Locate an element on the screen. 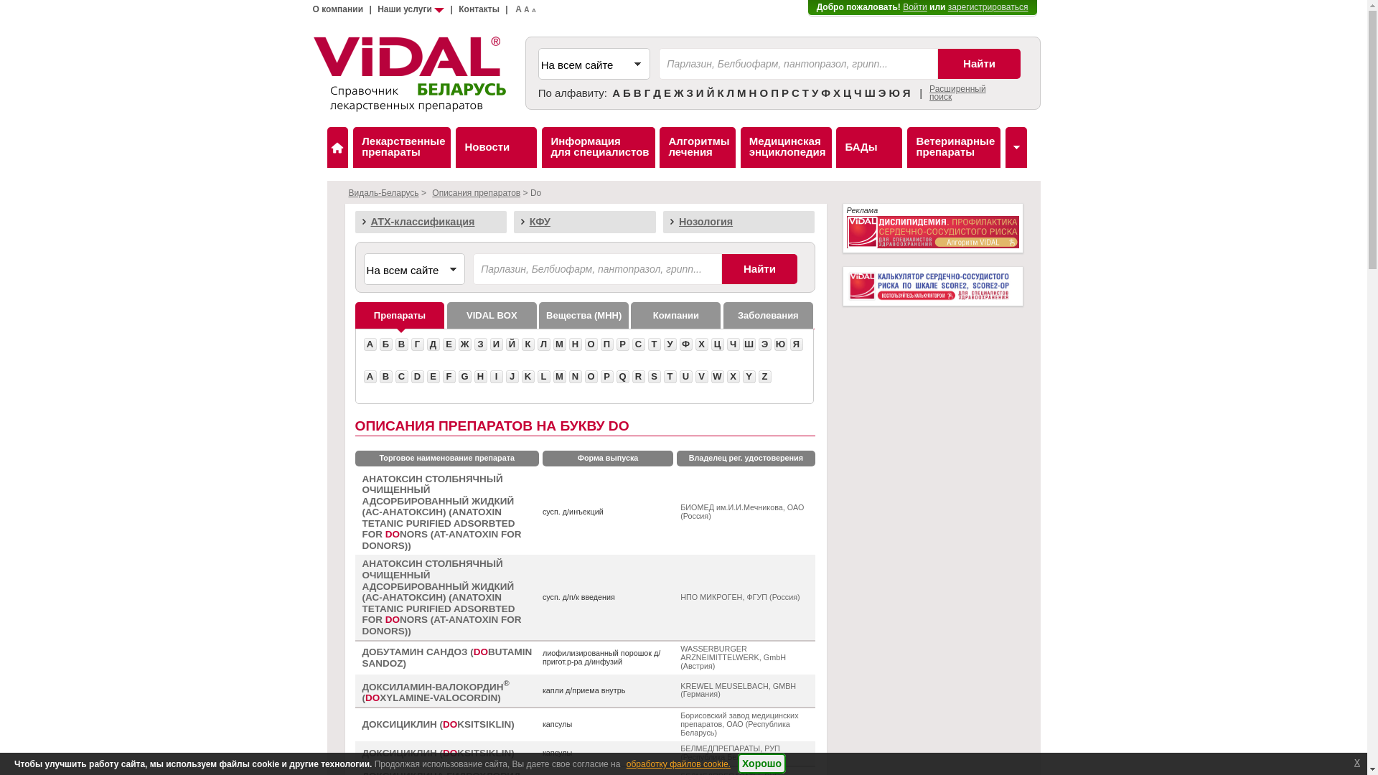 The image size is (1378, 775). 'K' is located at coordinates (526, 375).